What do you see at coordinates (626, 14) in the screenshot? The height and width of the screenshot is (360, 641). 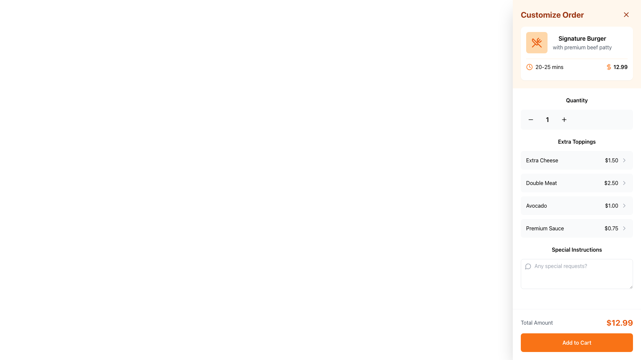 I see `the Close button (SVG icon) in the top-right corner of the 'Customize Order' sidebar panel` at bounding box center [626, 14].